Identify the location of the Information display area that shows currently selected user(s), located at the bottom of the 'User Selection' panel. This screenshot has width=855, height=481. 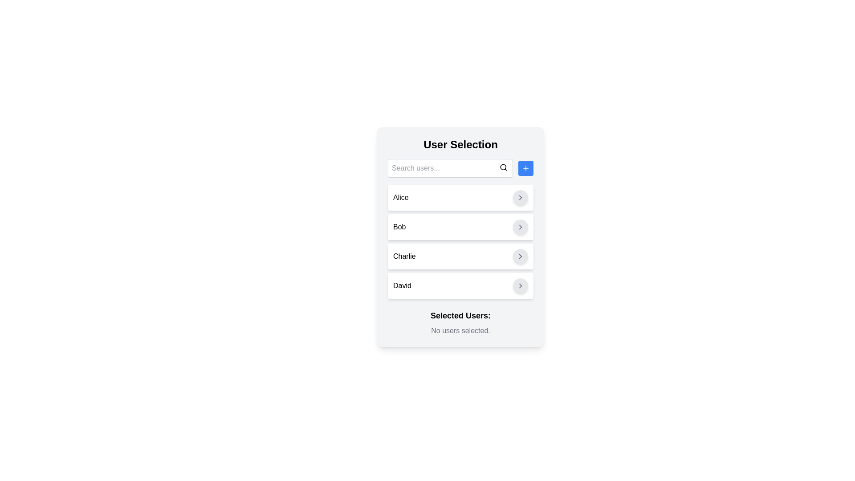
(460, 323).